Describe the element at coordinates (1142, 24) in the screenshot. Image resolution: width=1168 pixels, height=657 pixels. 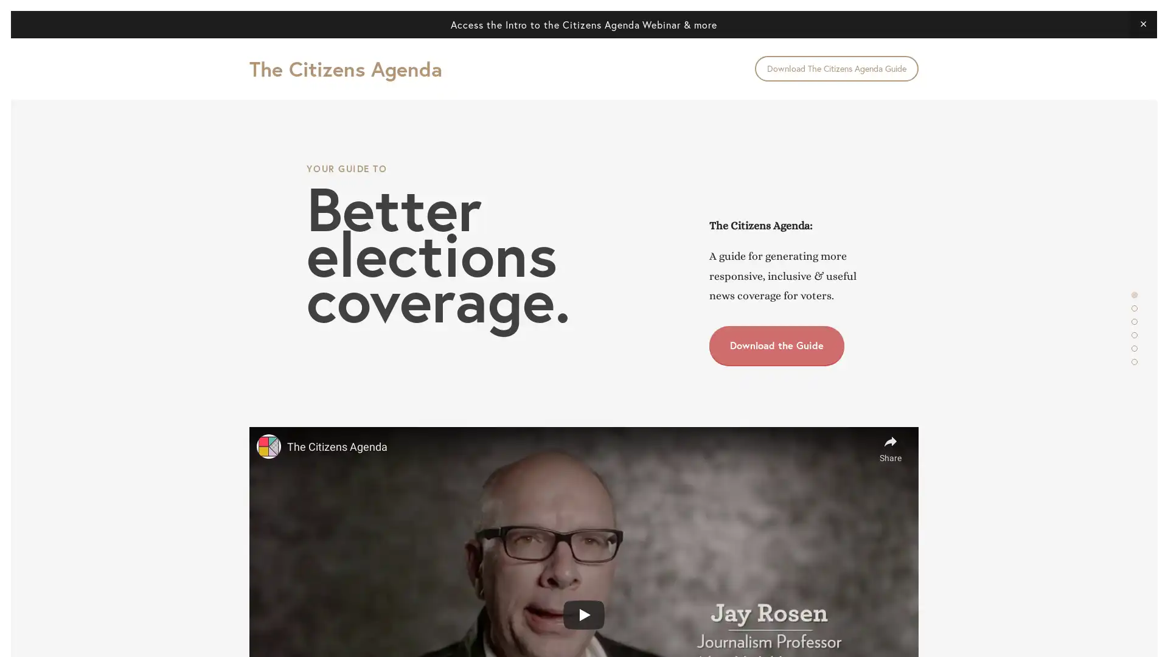
I see `Close Announcement` at that location.